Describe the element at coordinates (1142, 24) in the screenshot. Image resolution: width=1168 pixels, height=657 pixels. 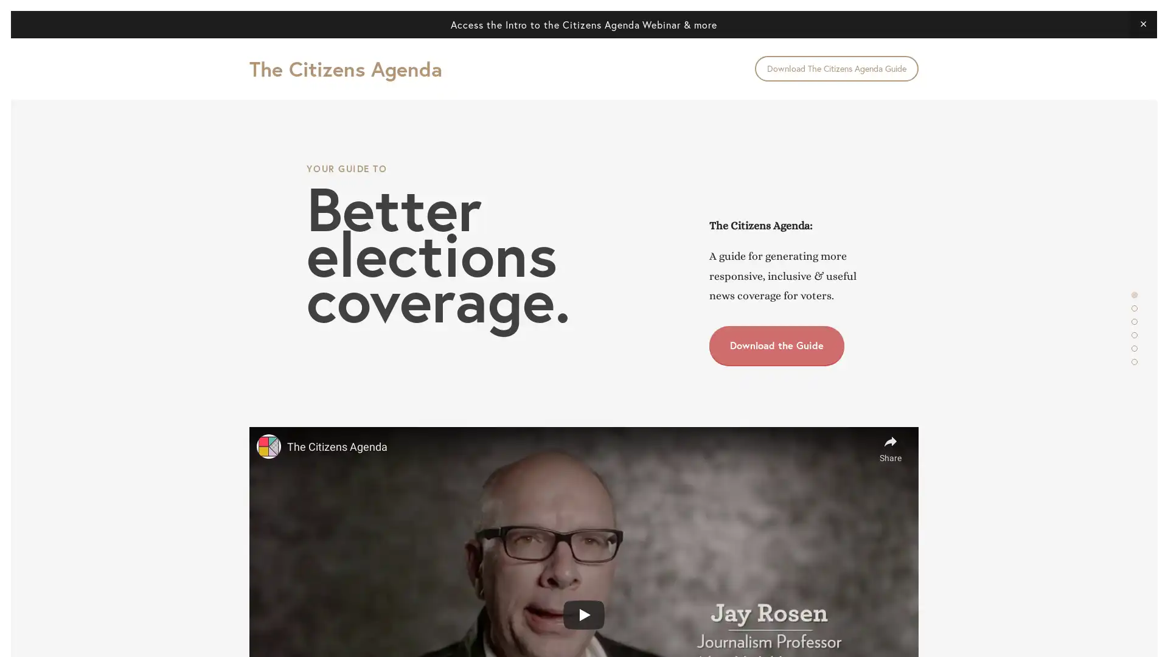
I see `Close Announcement` at that location.